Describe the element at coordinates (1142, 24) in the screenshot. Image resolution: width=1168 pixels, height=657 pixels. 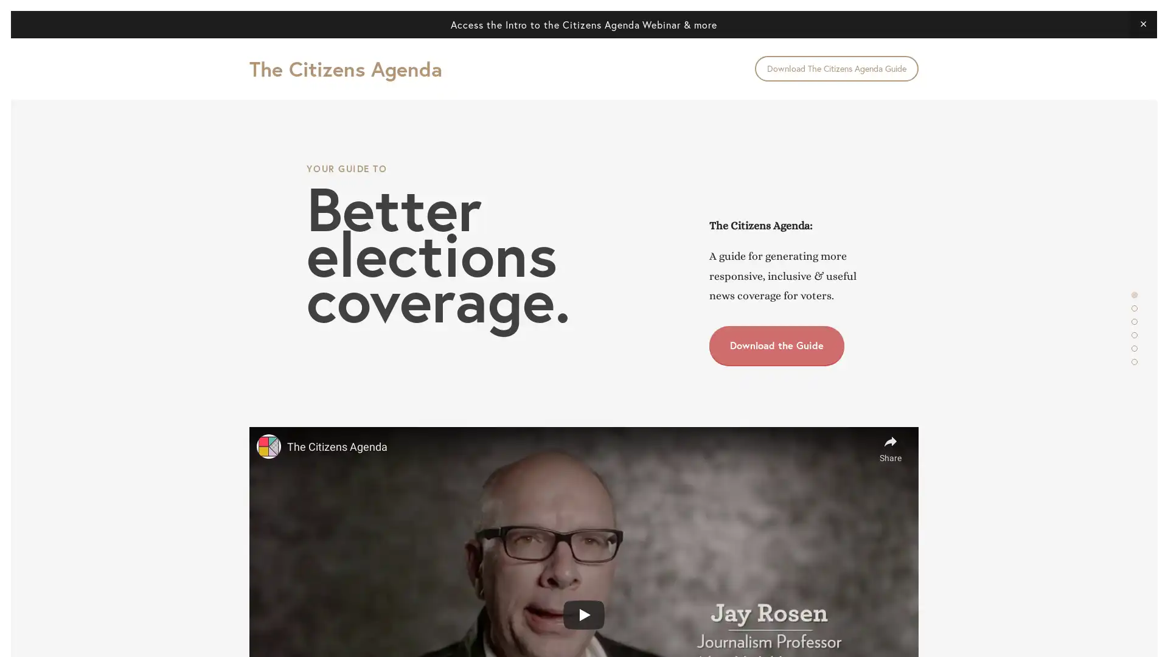
I see `Close Announcement` at that location.